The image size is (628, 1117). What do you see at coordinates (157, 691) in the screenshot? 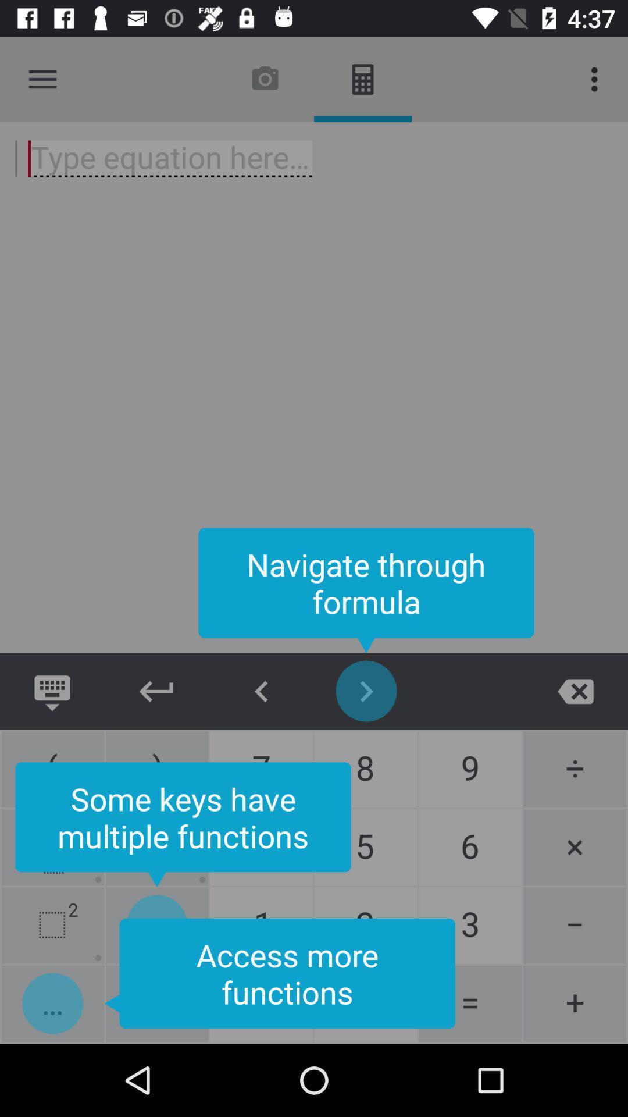
I see `the arrow_backward icon` at bounding box center [157, 691].